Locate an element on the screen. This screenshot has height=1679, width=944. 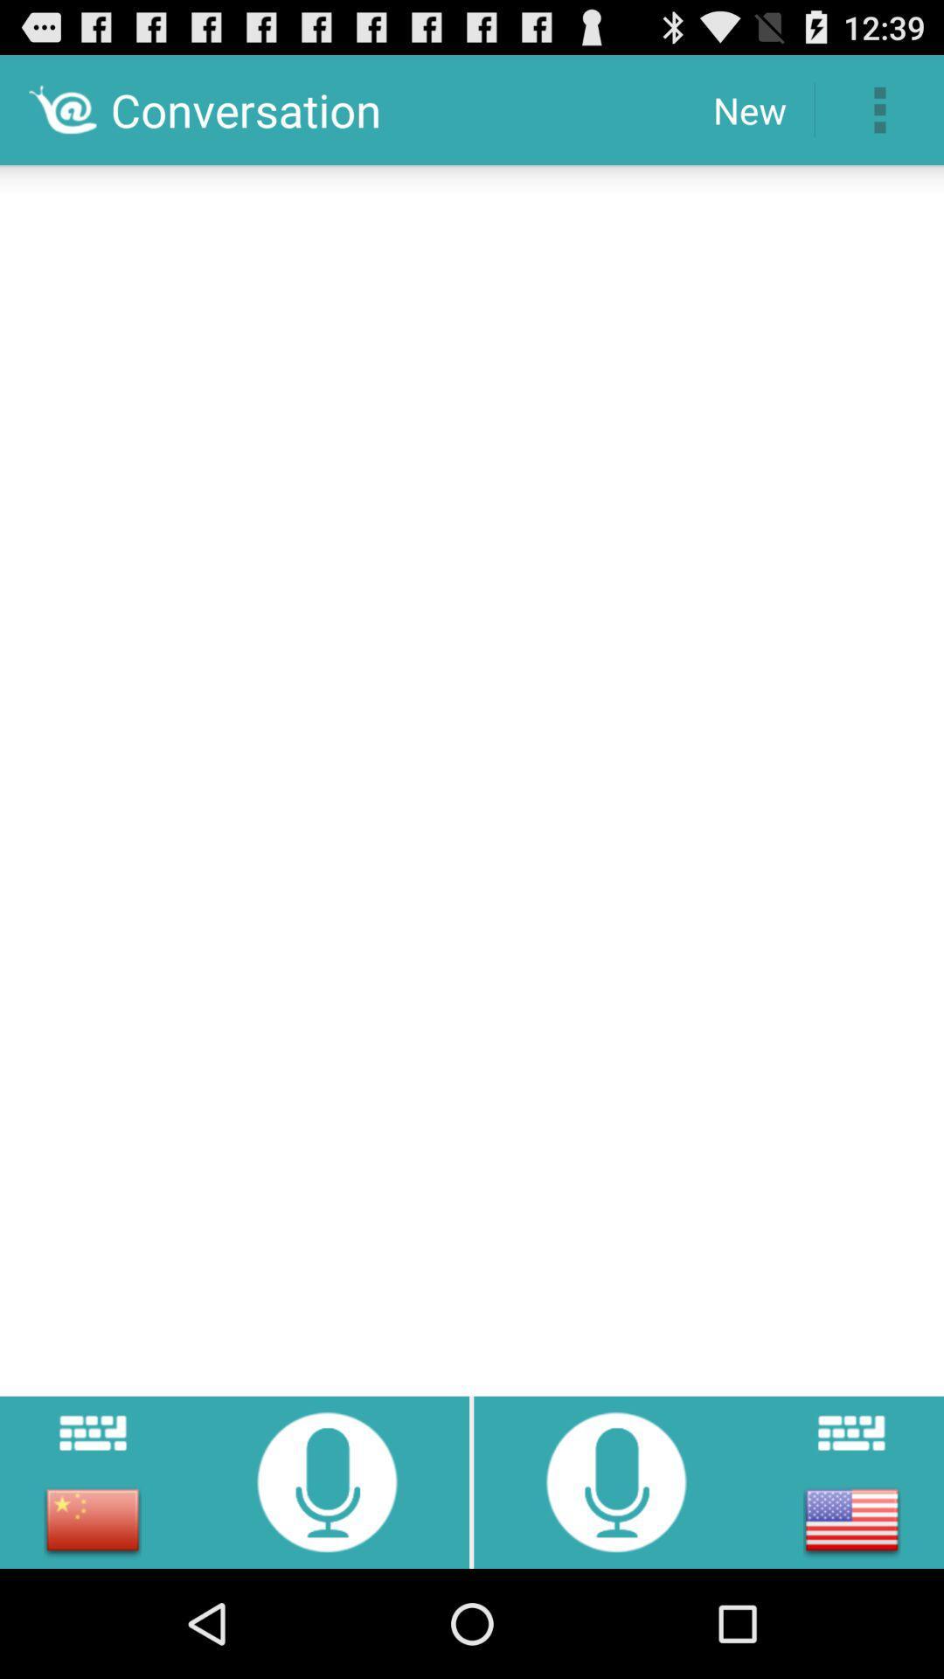
chinese language is located at coordinates (93, 1519).